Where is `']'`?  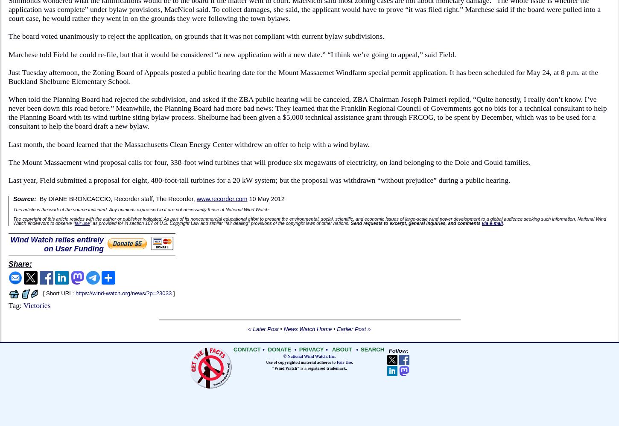
']' is located at coordinates (172, 293).